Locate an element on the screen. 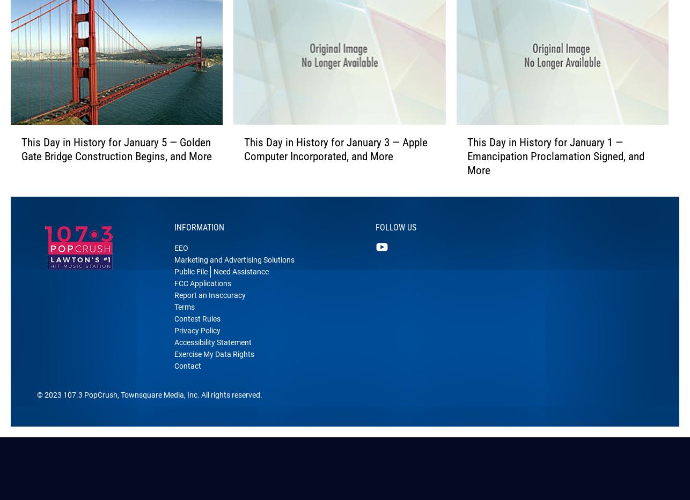  '2023' is located at coordinates (53, 411).